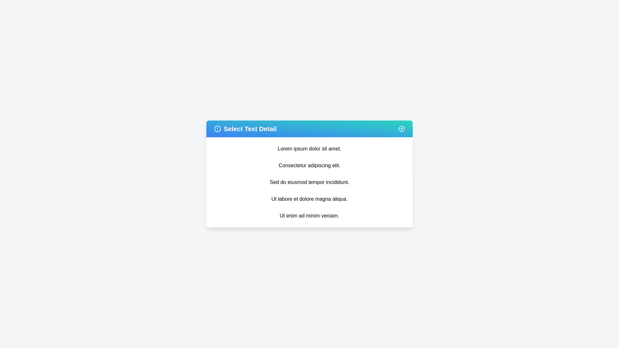 This screenshot has width=619, height=348. I want to click on the text item 'Sed do eiusmod tempor incididunt.' from the list, so click(309, 182).